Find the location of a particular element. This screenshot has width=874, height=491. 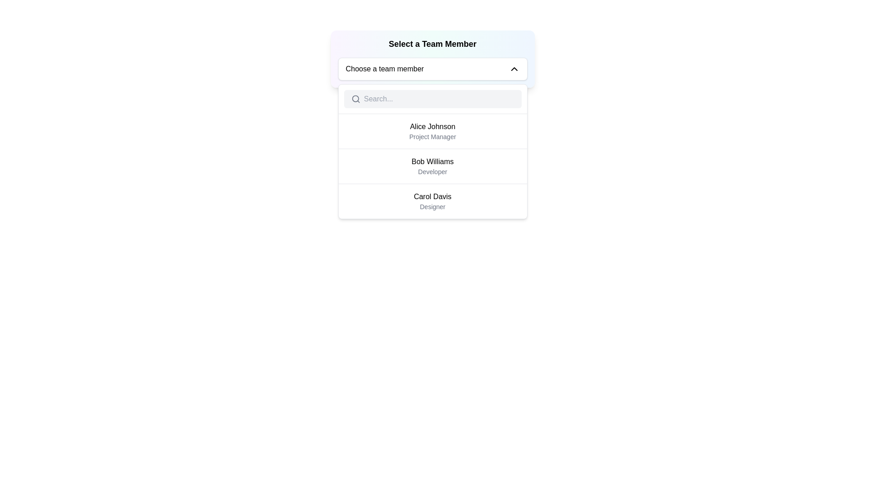

the Clickable List Item representing team member 'Bob Williams' is located at coordinates (432, 166).